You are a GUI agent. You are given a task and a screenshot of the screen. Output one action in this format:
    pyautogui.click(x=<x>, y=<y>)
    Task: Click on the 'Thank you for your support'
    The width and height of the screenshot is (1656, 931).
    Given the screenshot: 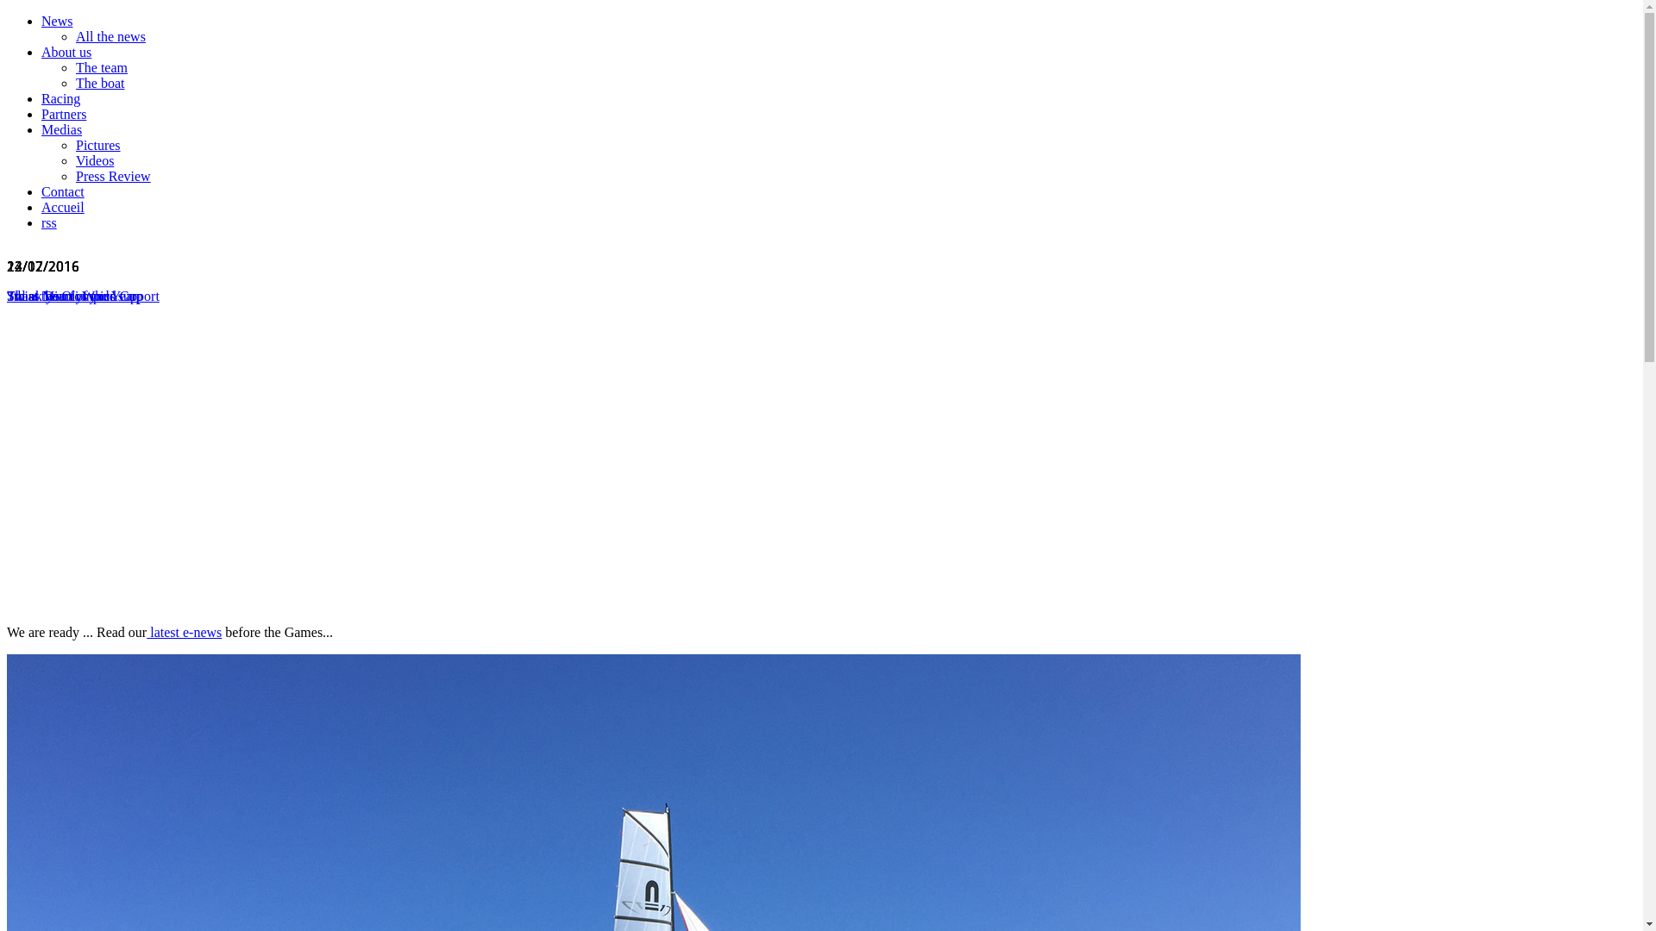 What is the action you would take?
    pyautogui.click(x=82, y=295)
    